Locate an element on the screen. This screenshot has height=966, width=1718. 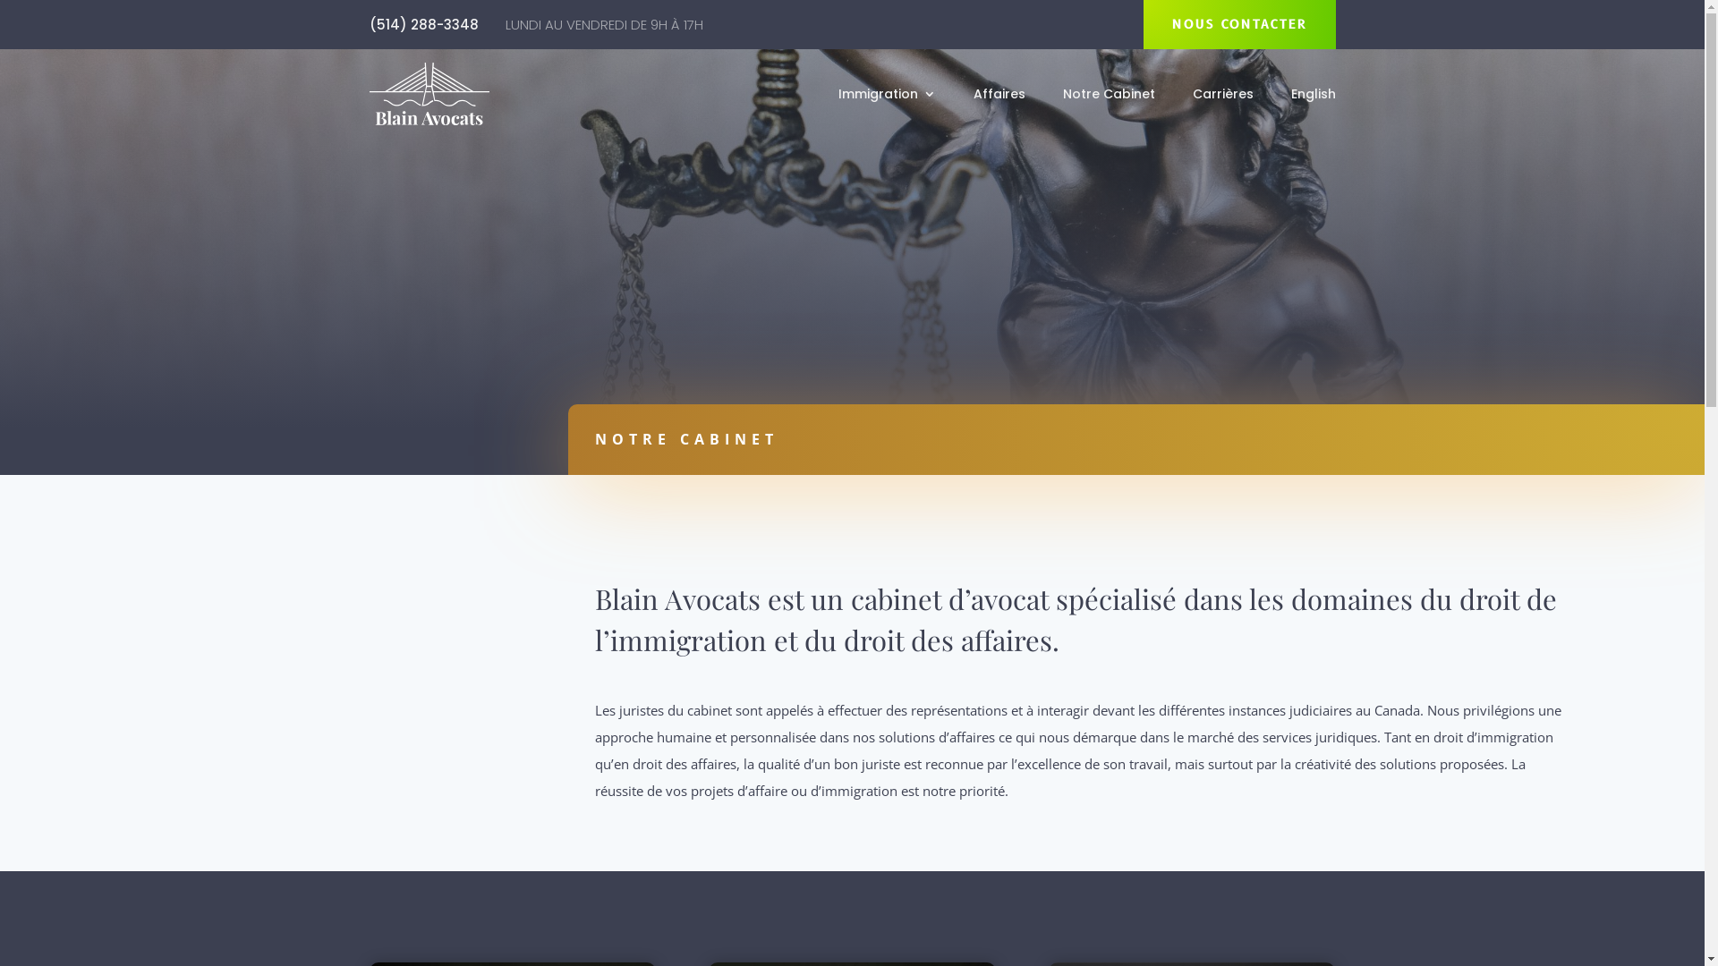
'(514) 288-3348' is located at coordinates (422, 23).